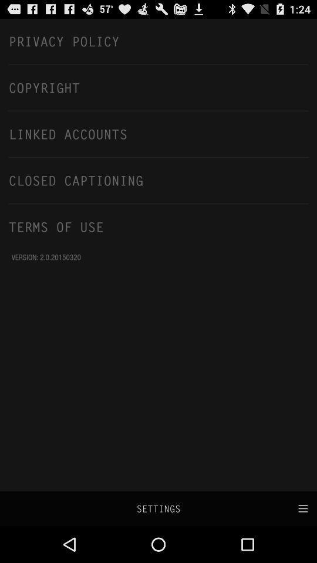  What do you see at coordinates (158, 226) in the screenshot?
I see `the icon above the version 2 0 item` at bounding box center [158, 226].